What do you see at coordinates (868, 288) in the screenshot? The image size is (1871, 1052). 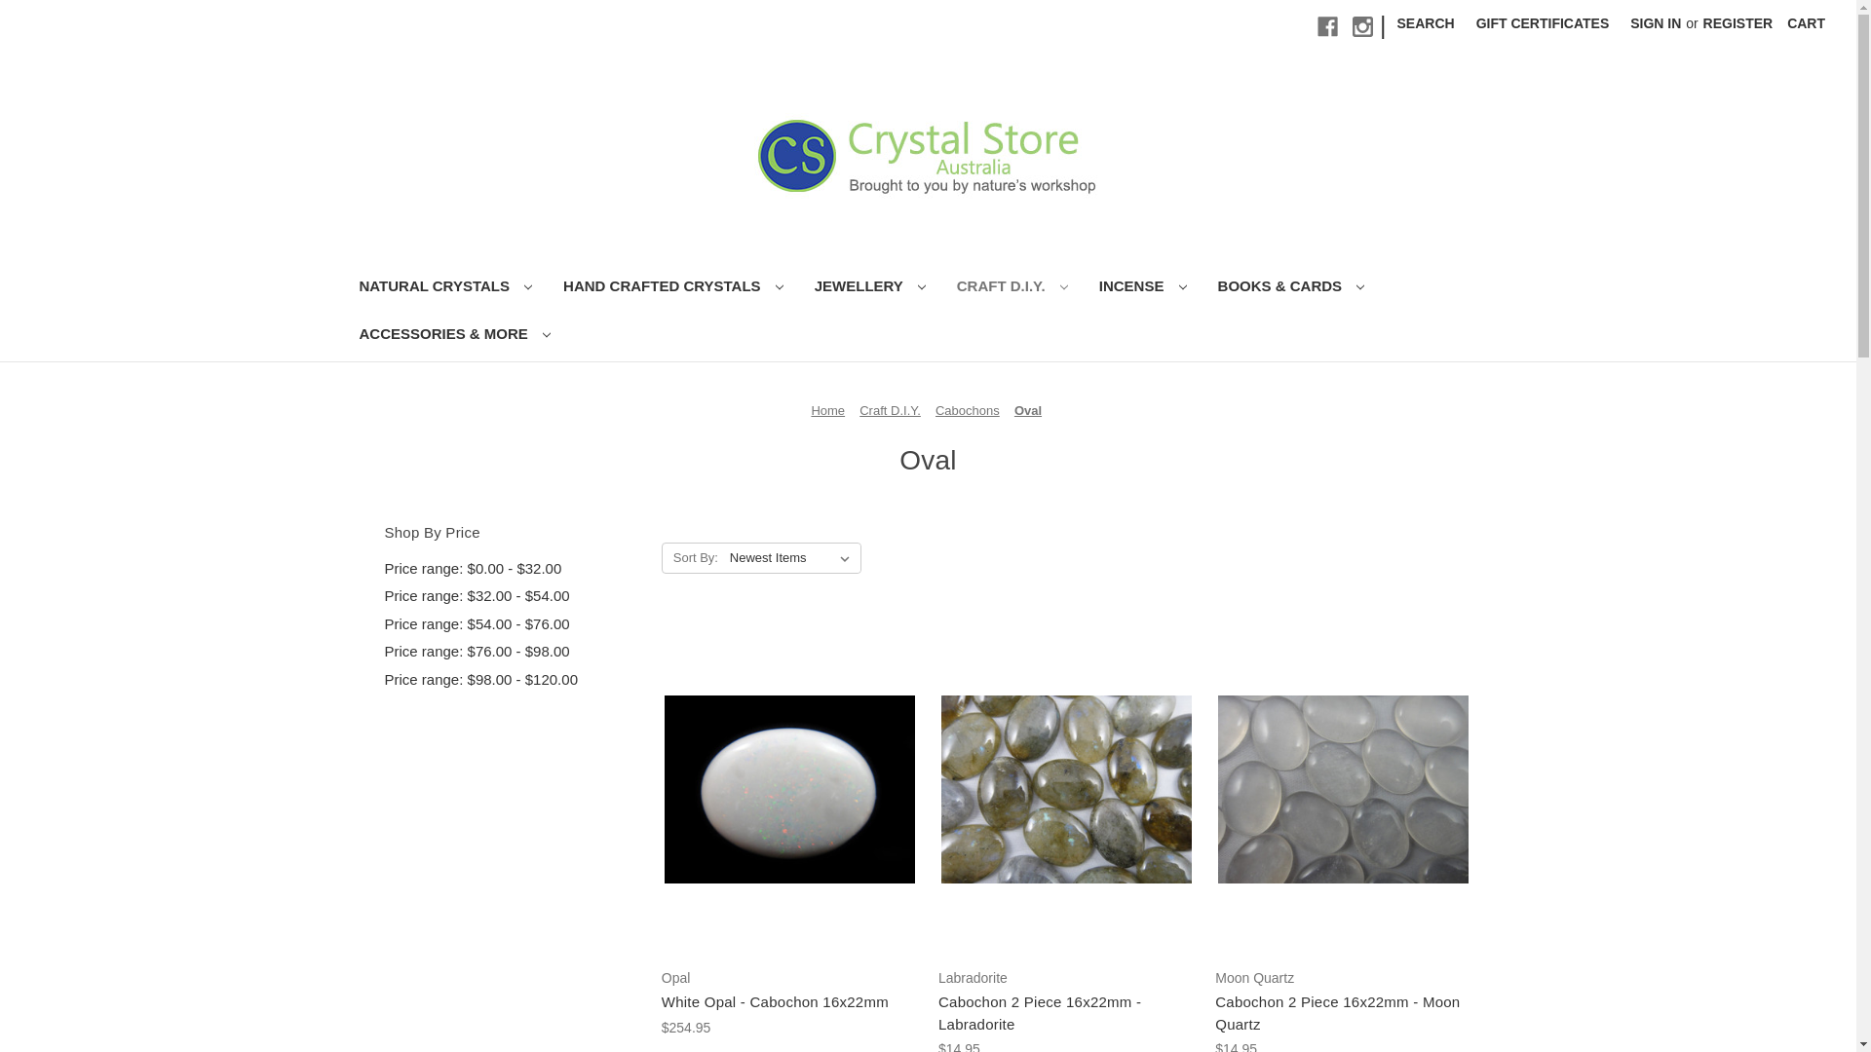 I see `'JEWELLERY'` at bounding box center [868, 288].